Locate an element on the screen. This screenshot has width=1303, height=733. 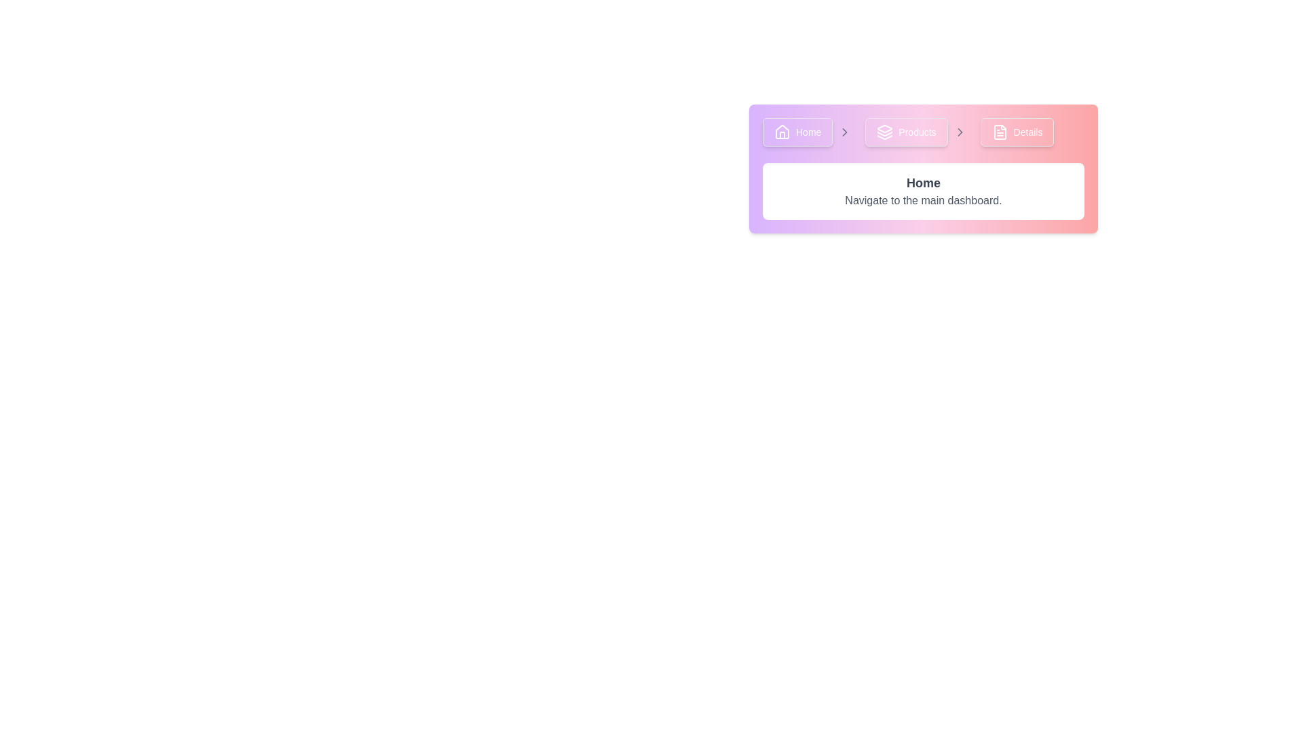
the house-like icon in the breadcrumb navigation bar, which is the first icon preceding the text 'Home' is located at coordinates (782, 131).